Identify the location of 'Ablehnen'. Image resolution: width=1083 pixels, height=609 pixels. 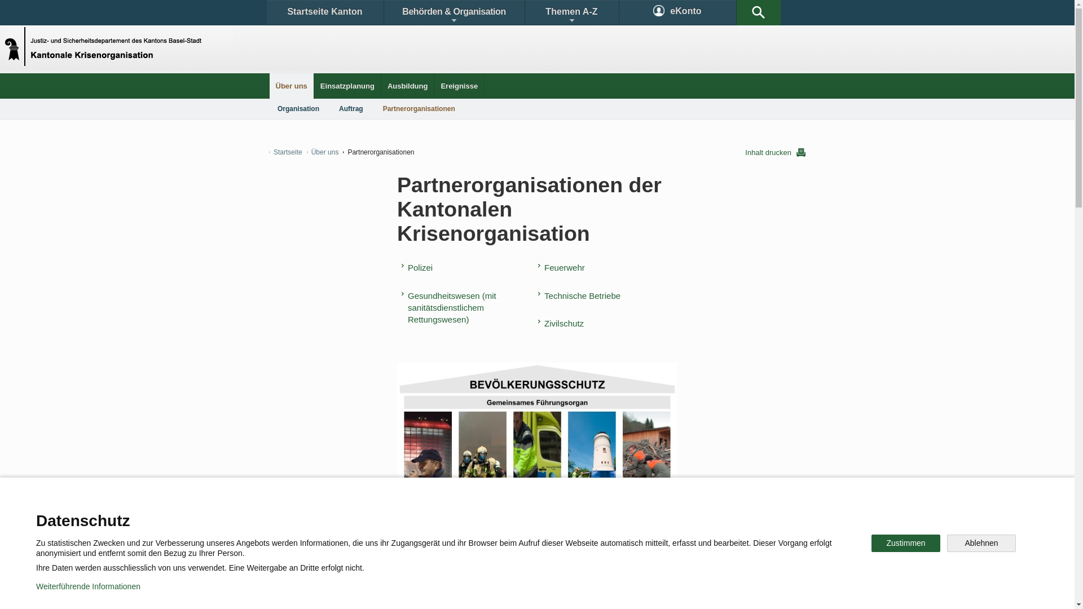
(980, 542).